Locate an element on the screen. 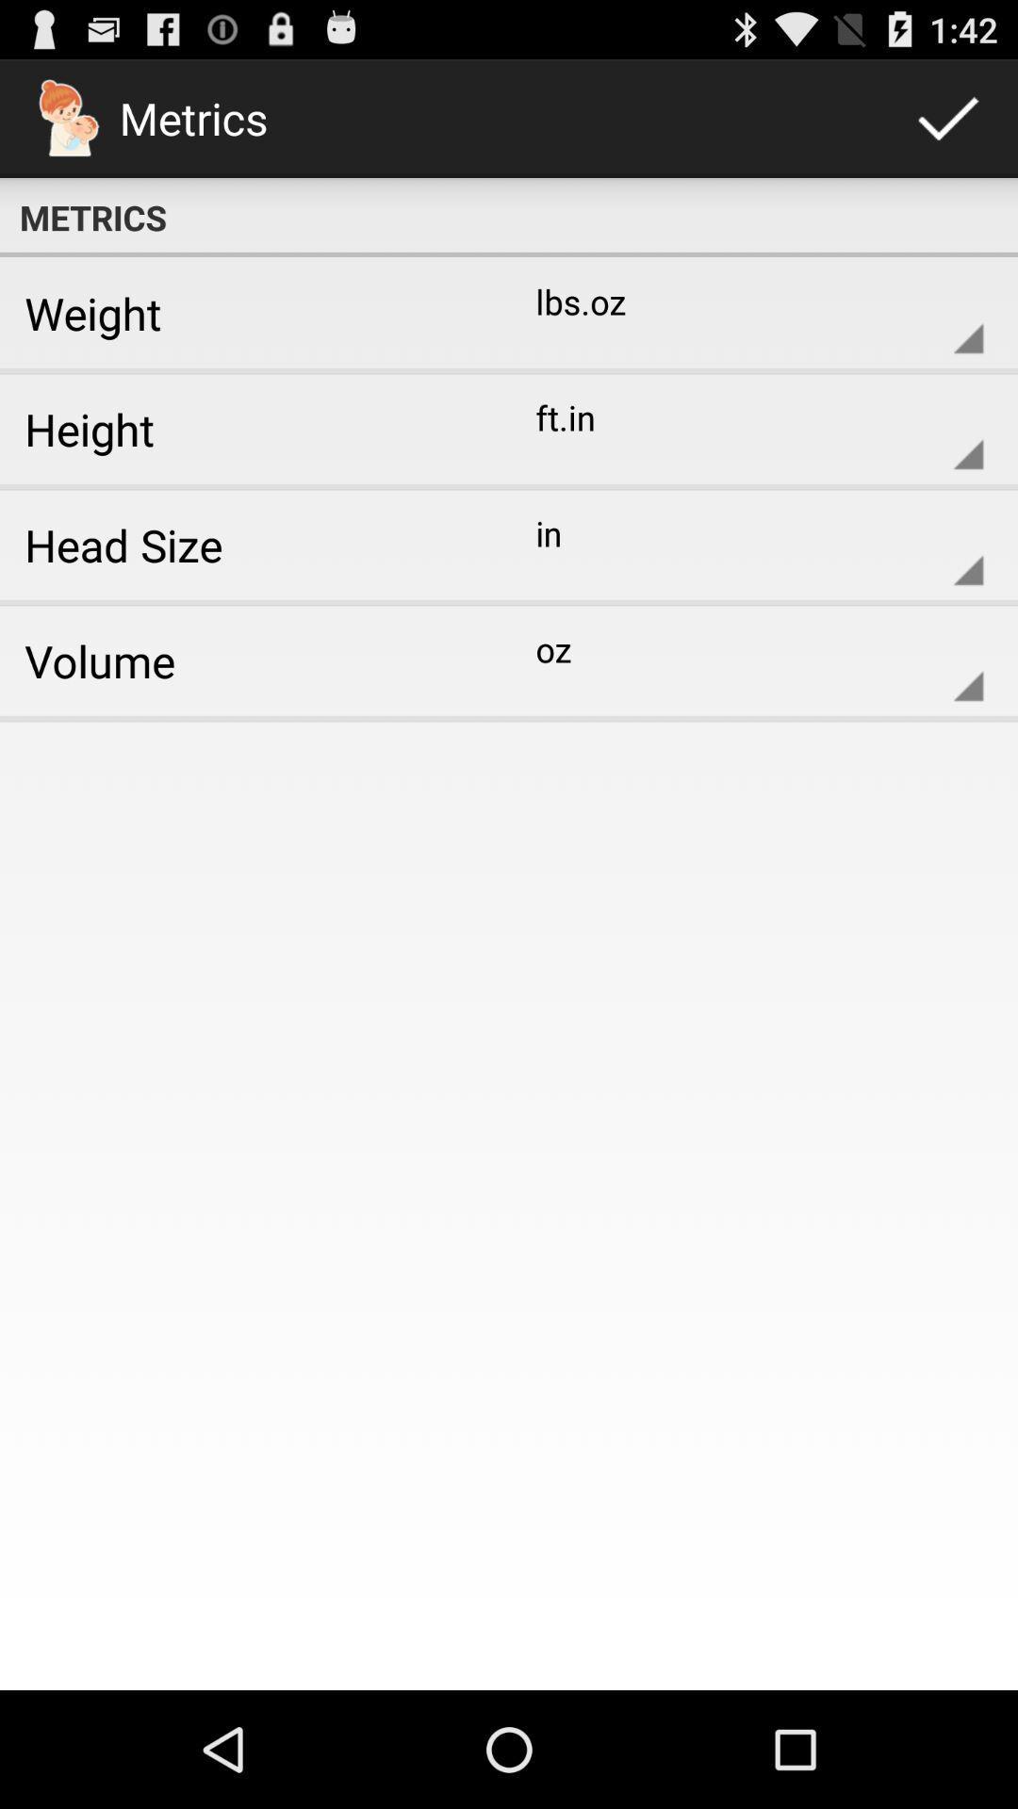 Image resolution: width=1018 pixels, height=1809 pixels. icon next to lbs.oz is located at coordinates (247, 313).